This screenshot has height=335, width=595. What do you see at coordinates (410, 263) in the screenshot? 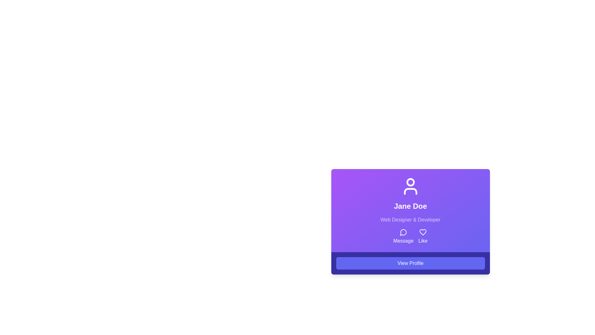
I see `the 'View Profile' button, which is a rectangular button with rounded corners located at the bottom center of a card-like profile section, featuring a dark blue background and white text` at bounding box center [410, 263].